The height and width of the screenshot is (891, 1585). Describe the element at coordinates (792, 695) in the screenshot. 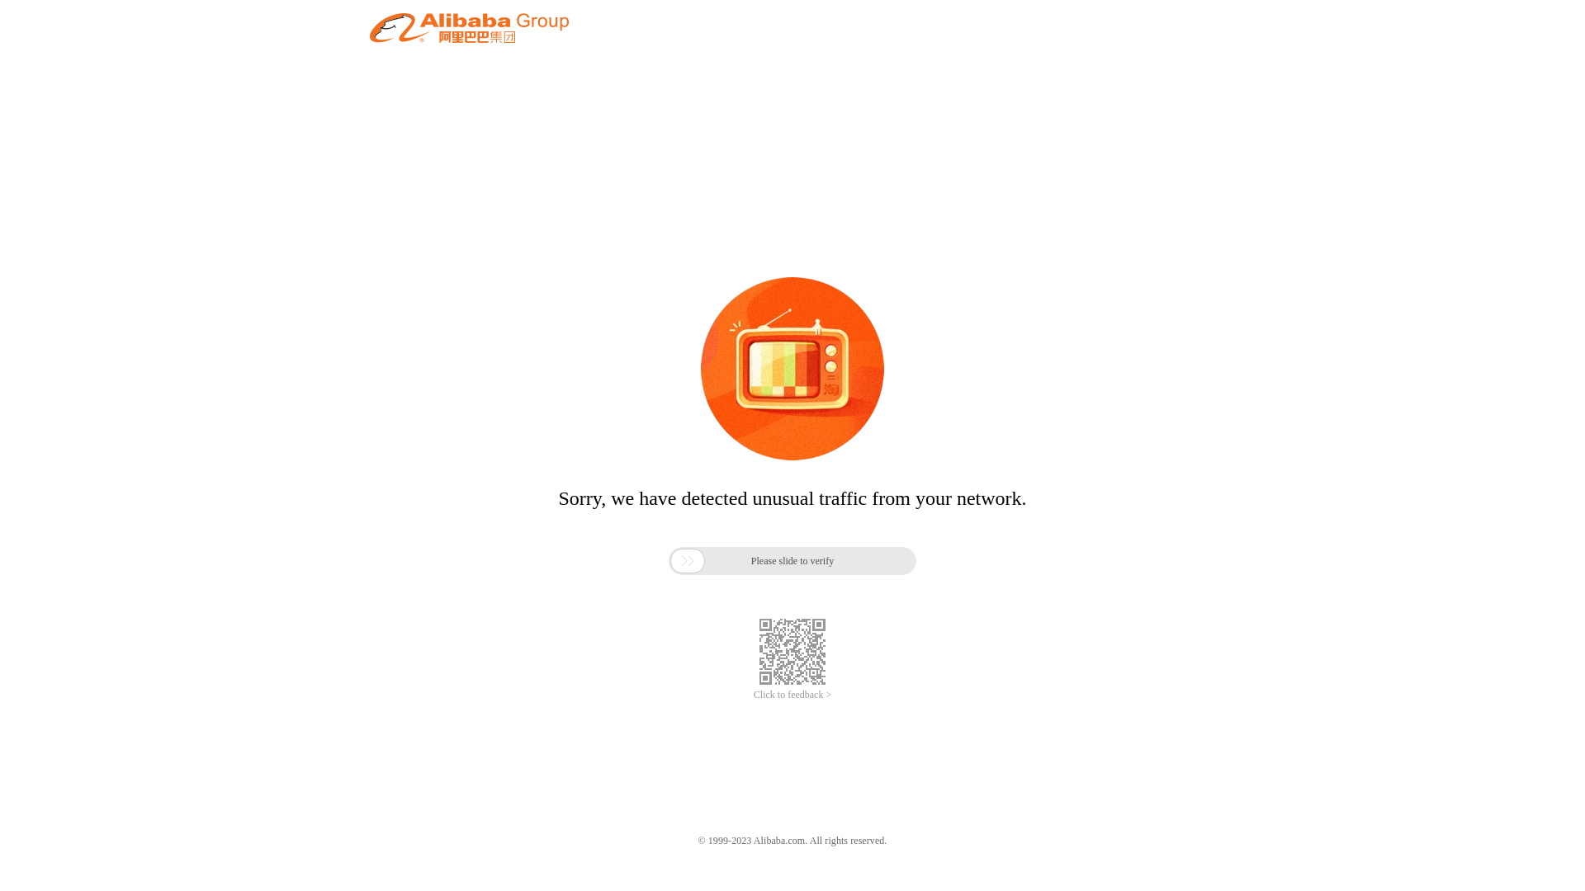

I see `'Click to feedback >'` at that location.